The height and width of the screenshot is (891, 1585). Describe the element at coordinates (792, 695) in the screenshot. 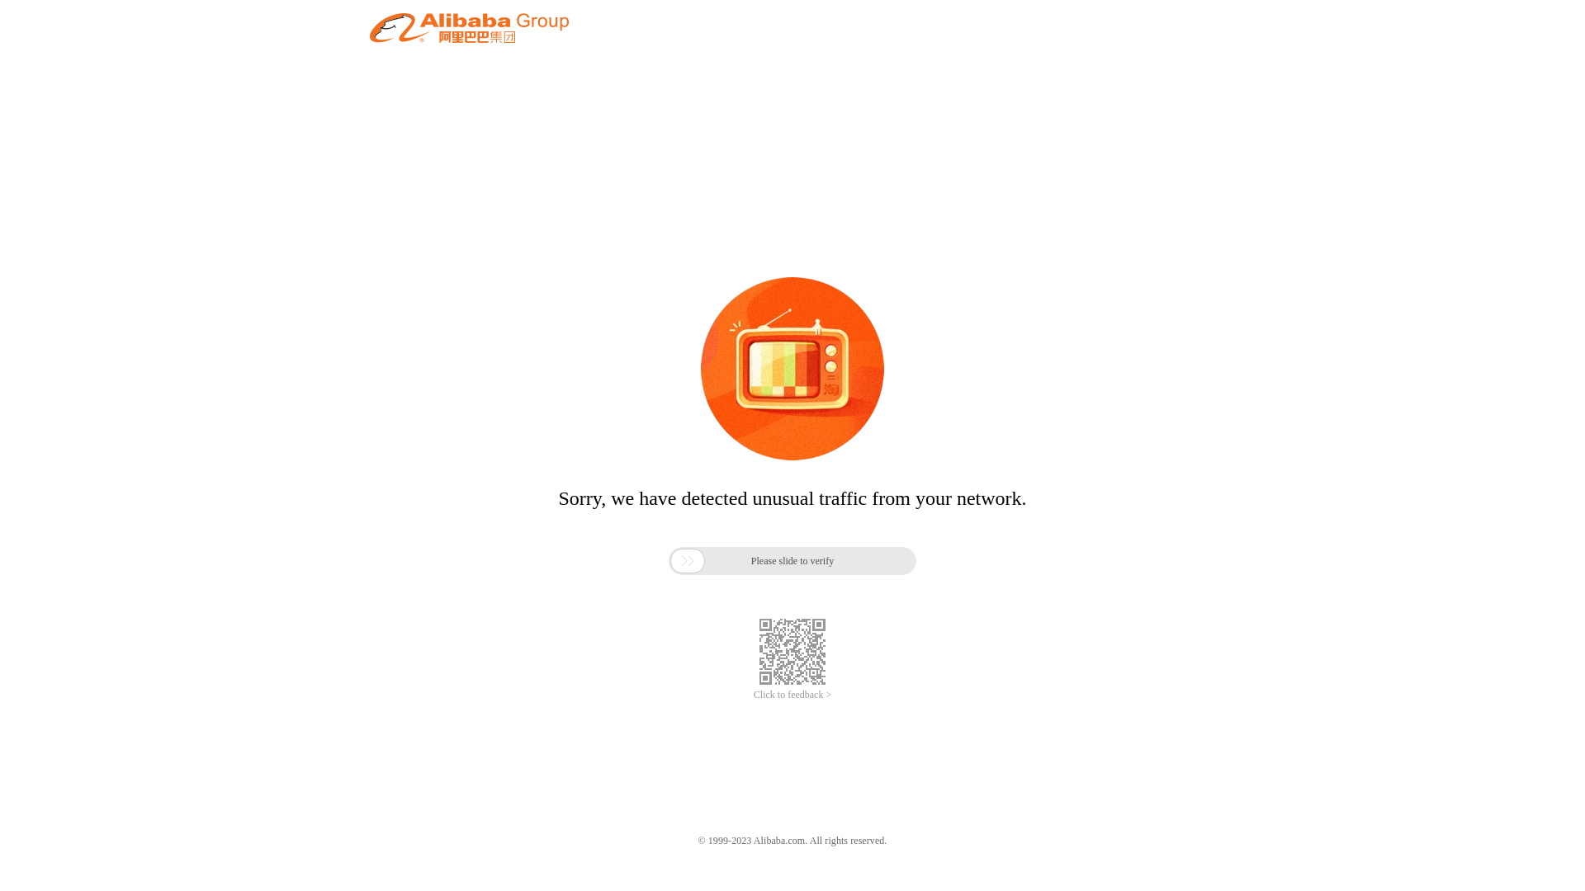

I see `'Click to feedback >'` at that location.